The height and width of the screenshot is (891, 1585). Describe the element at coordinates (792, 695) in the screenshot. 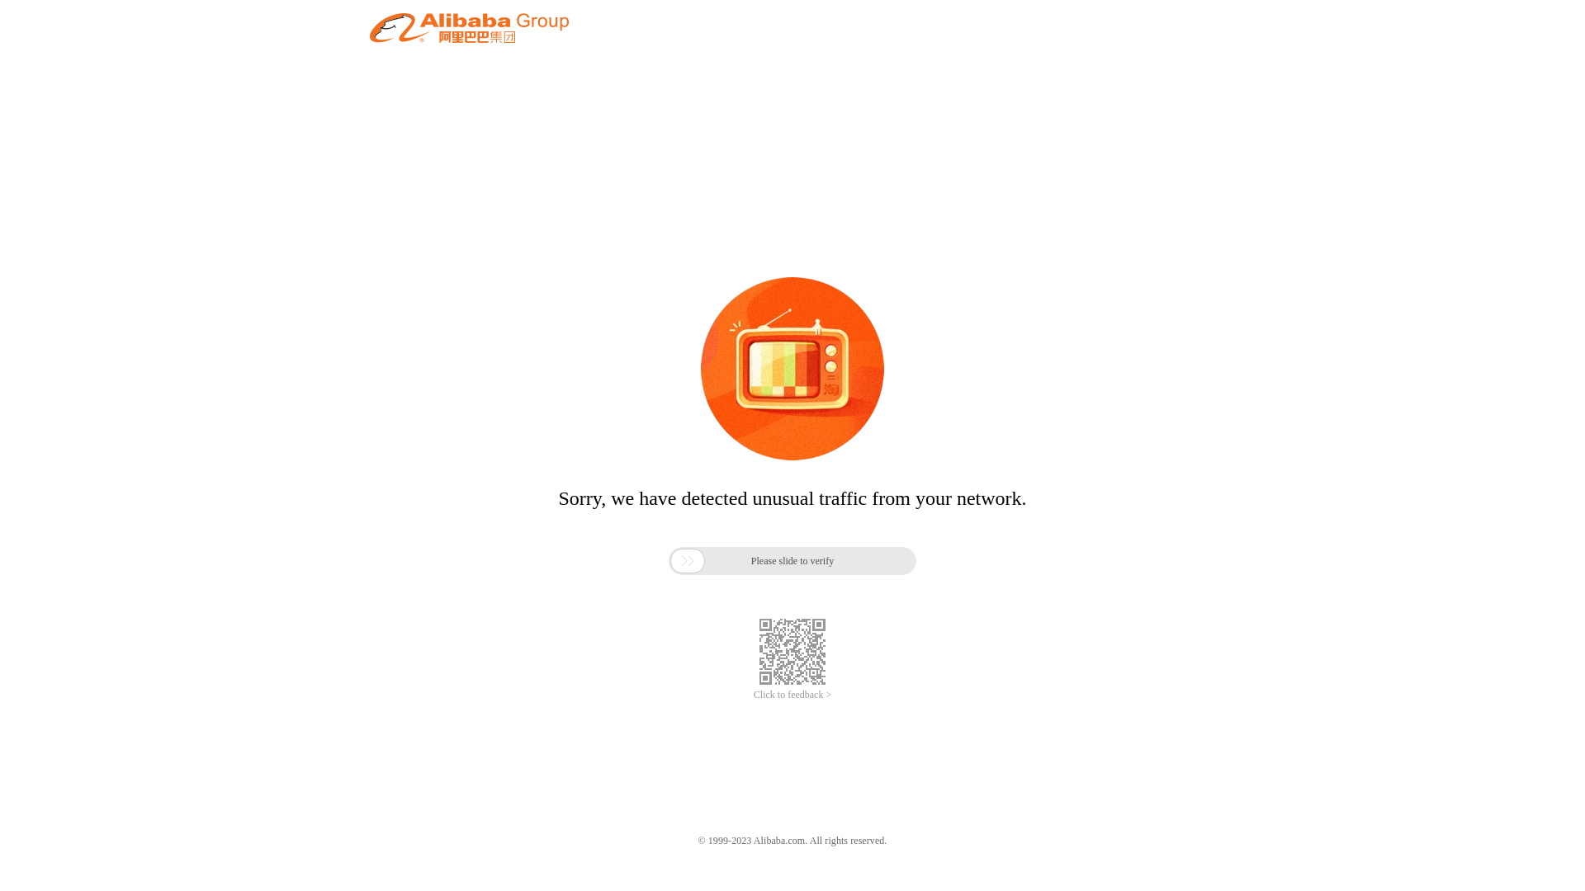

I see `'Click to feedback >'` at that location.